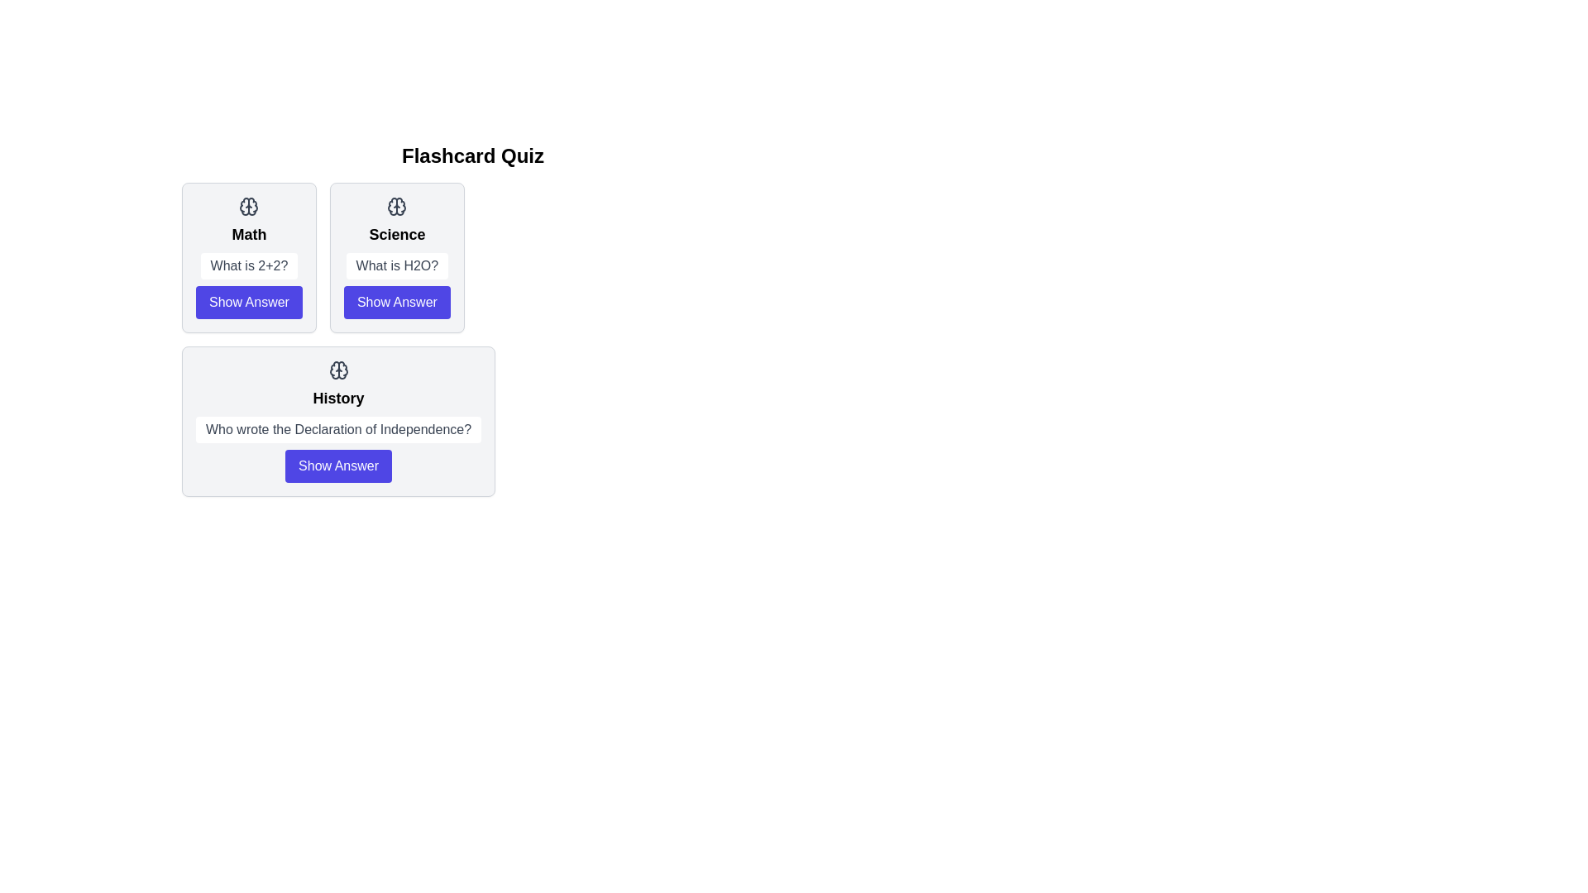  Describe the element at coordinates (248, 303) in the screenshot. I see `the 'Show Answer' button for the Math flashcard` at that location.